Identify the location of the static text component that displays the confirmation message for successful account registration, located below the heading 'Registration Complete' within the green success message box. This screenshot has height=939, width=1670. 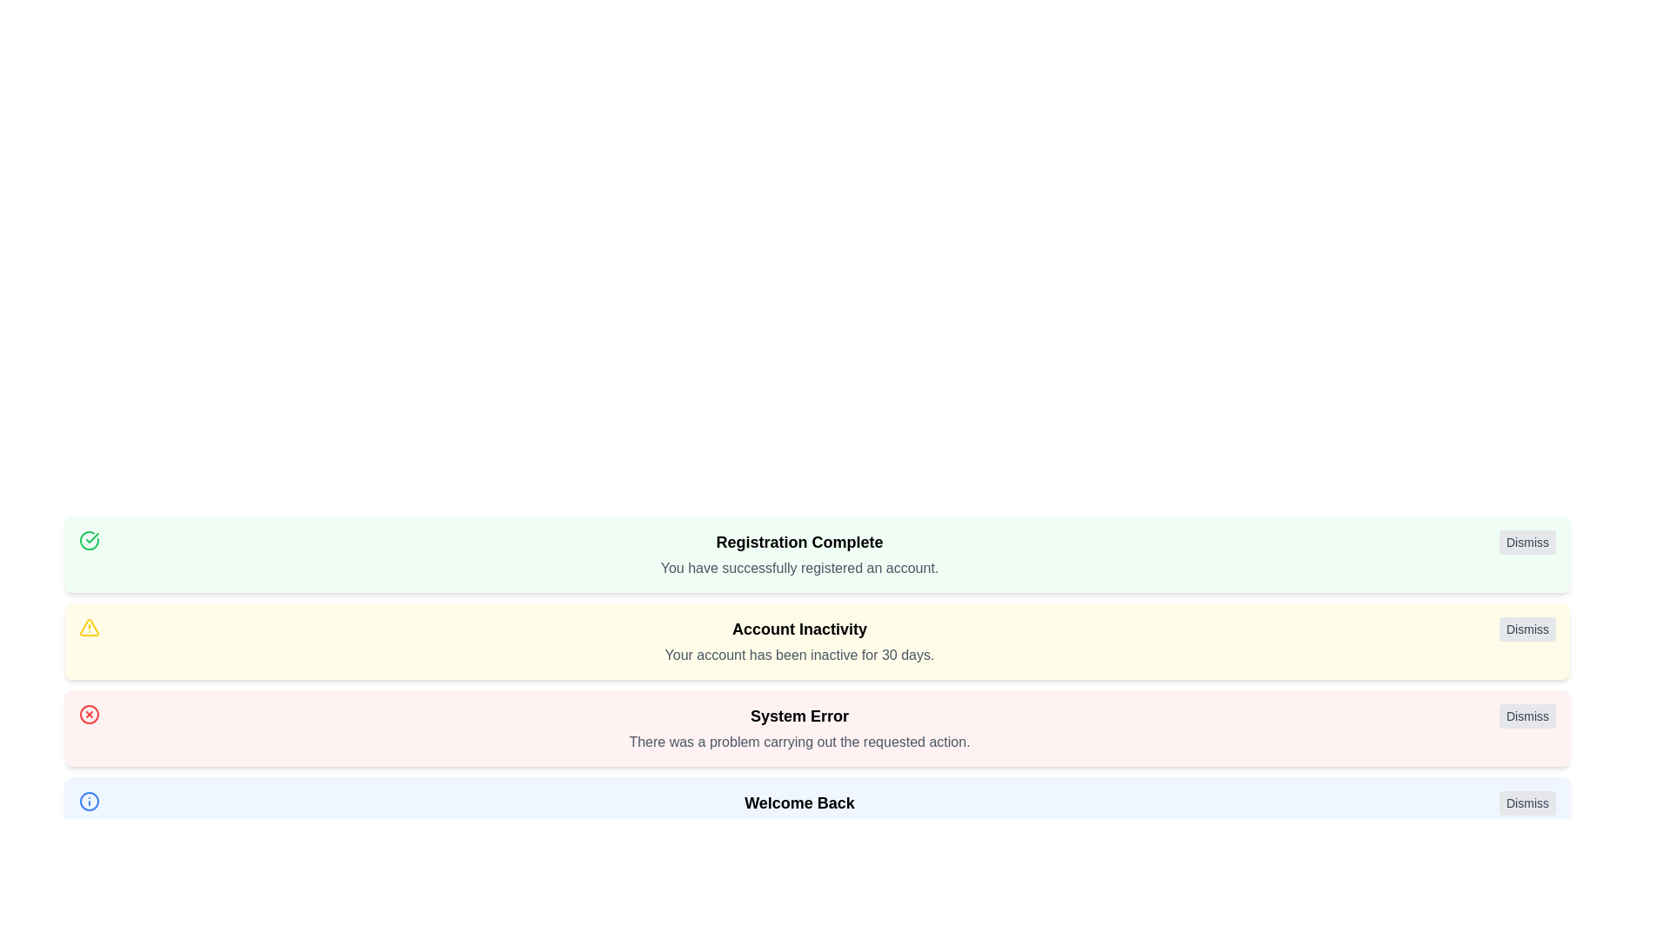
(798, 569).